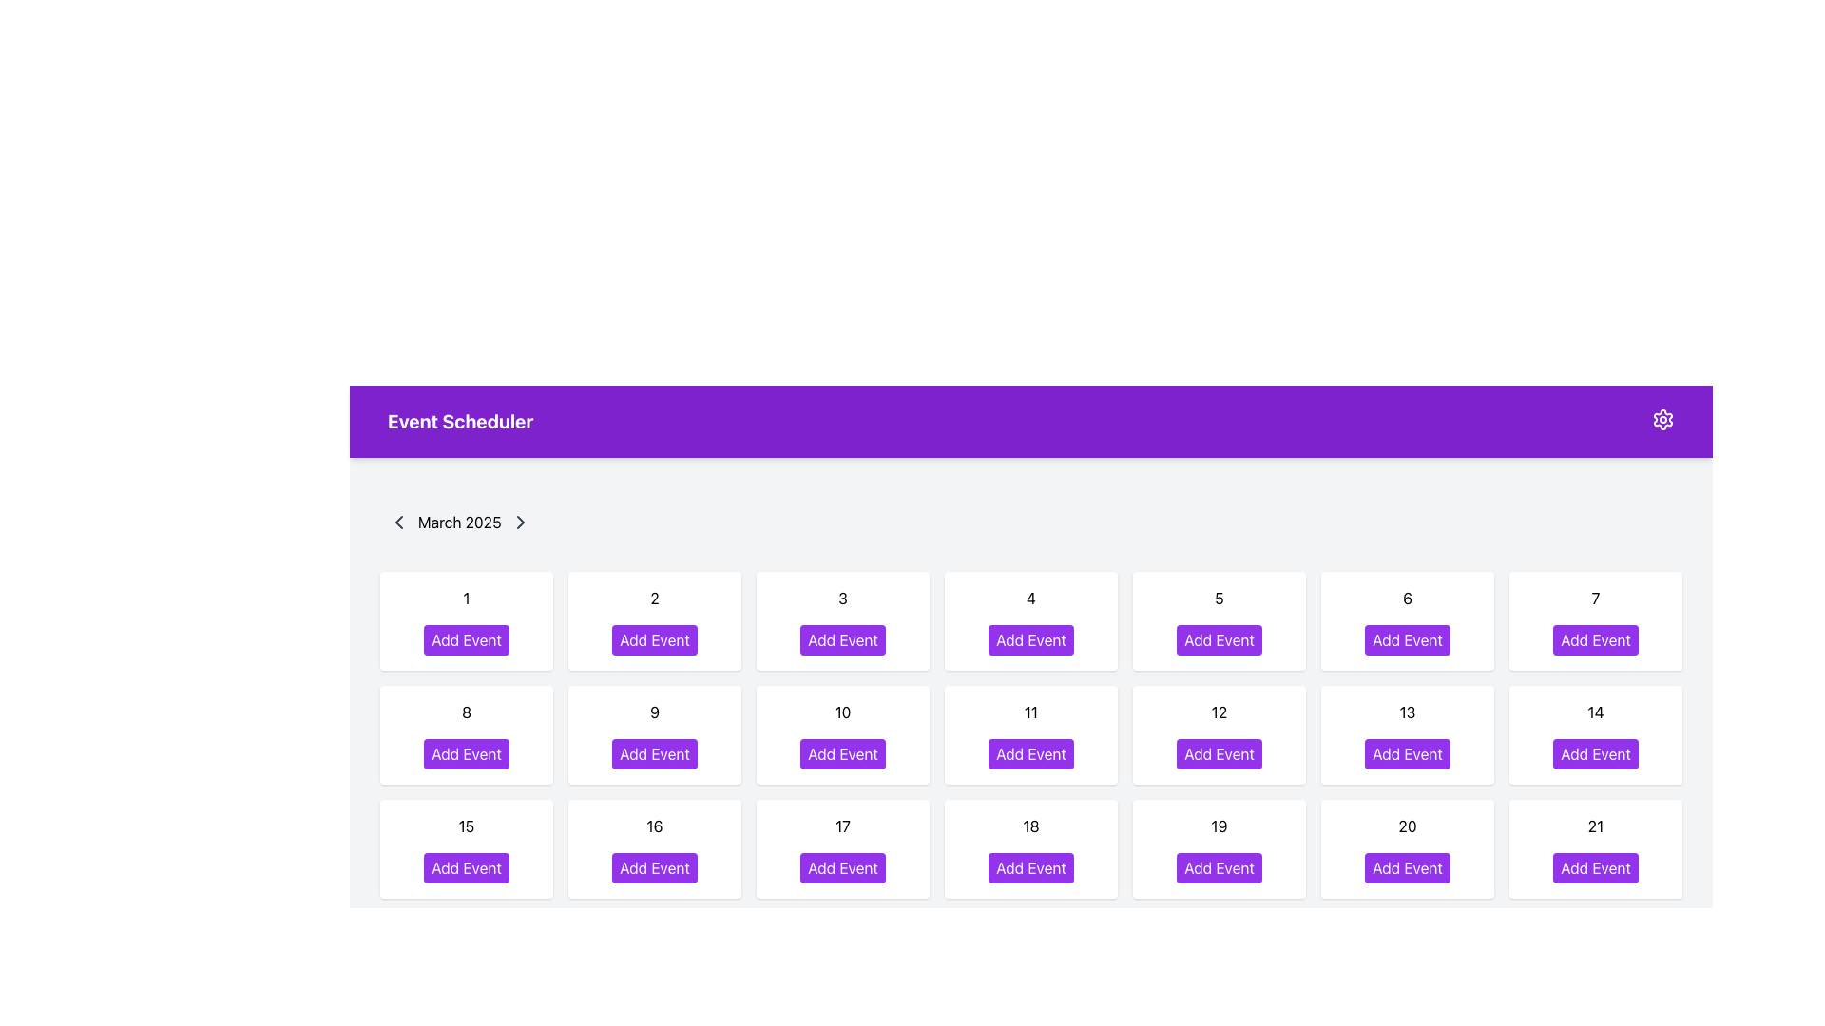 The image size is (1825, 1026). What do you see at coordinates (1408, 848) in the screenshot?
I see `the 'Add Event' button on the Calendar date card for the date 20, located in the 'Event Scheduler' panel, to trigger the hover effect` at bounding box center [1408, 848].